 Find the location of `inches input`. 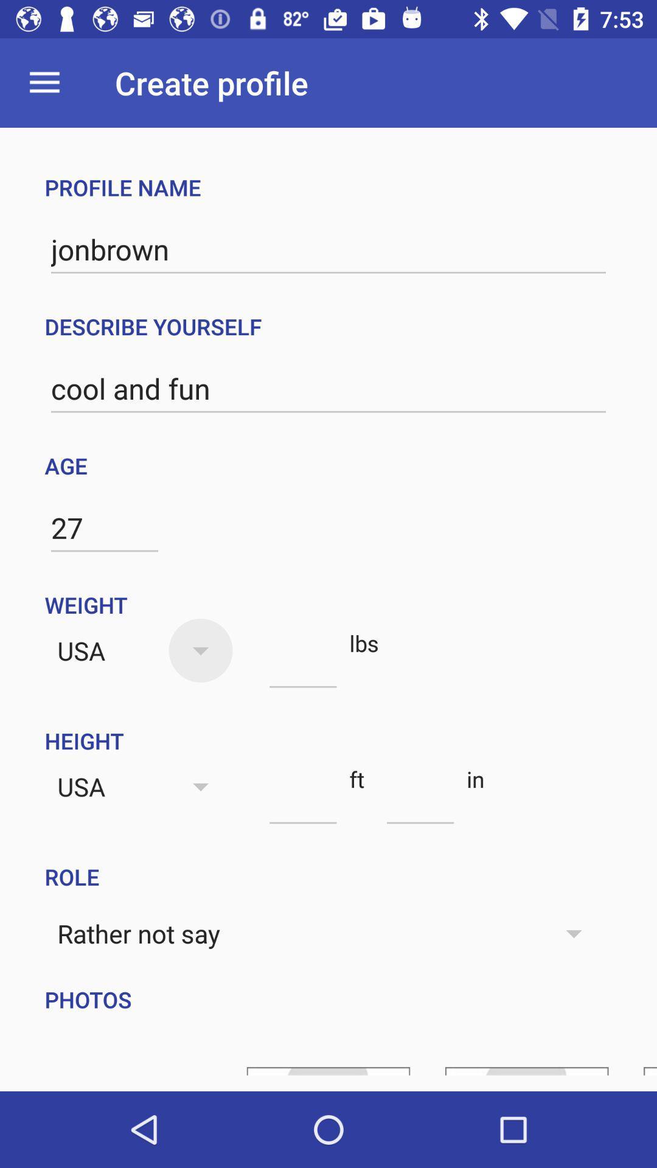

inches input is located at coordinates (420, 802).